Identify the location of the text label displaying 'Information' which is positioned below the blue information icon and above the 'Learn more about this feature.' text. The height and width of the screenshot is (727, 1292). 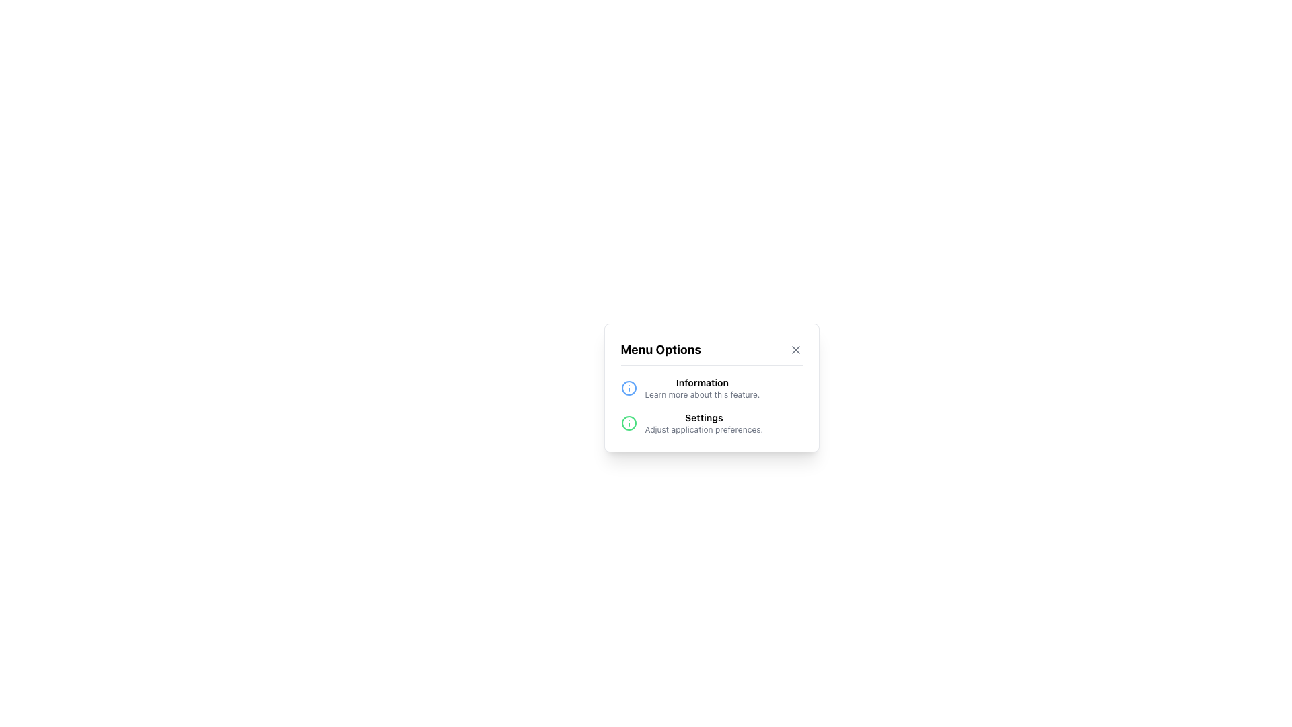
(701, 382).